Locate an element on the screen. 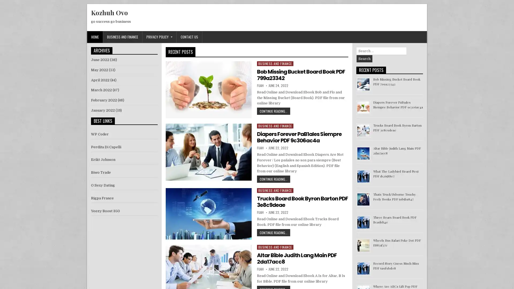 This screenshot has height=289, width=514. Search is located at coordinates (364, 59).